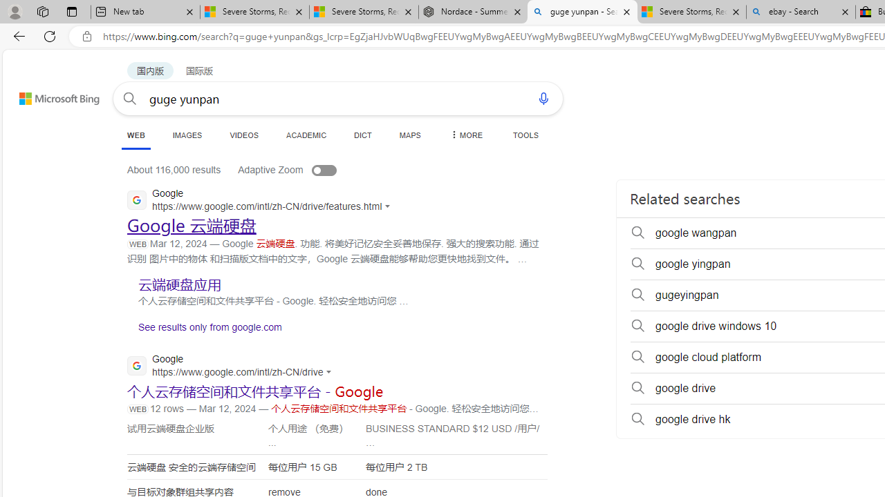 The height and width of the screenshot is (497, 885). I want to click on 'New tab', so click(145, 12).